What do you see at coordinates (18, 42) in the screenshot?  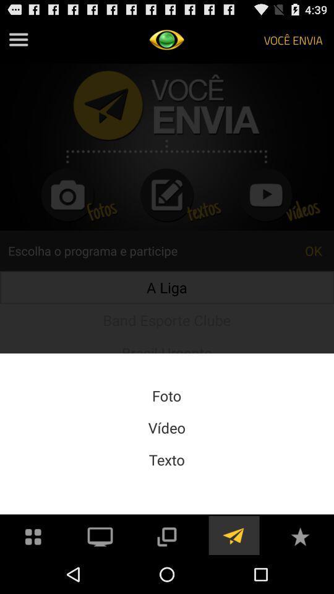 I see `the menu icon` at bounding box center [18, 42].